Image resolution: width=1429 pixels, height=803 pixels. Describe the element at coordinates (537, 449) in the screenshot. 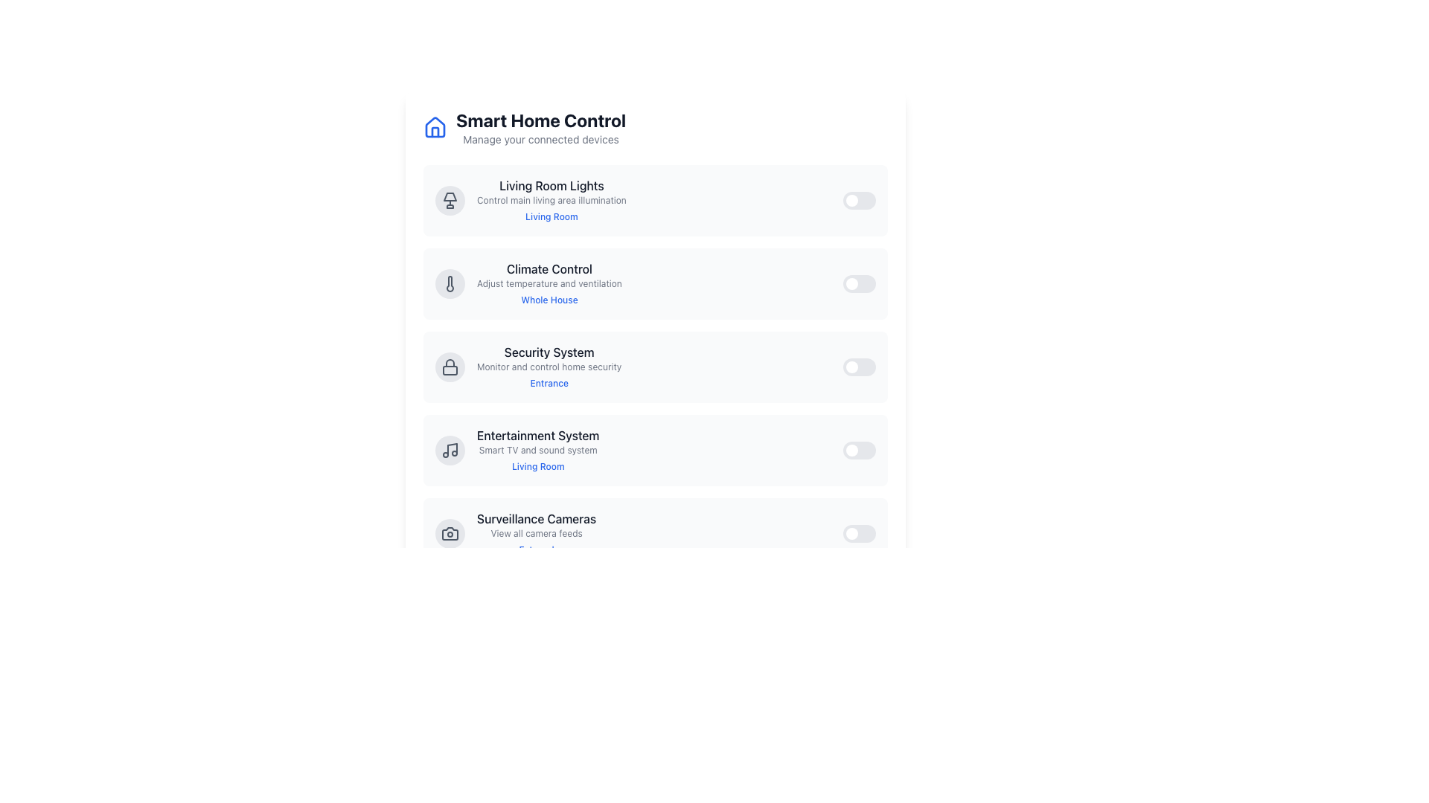

I see `the static text label that describes the components of the 'Entertainment System' feature, positioned below the heading 'Entertainment System' and above 'Living Room'` at that location.